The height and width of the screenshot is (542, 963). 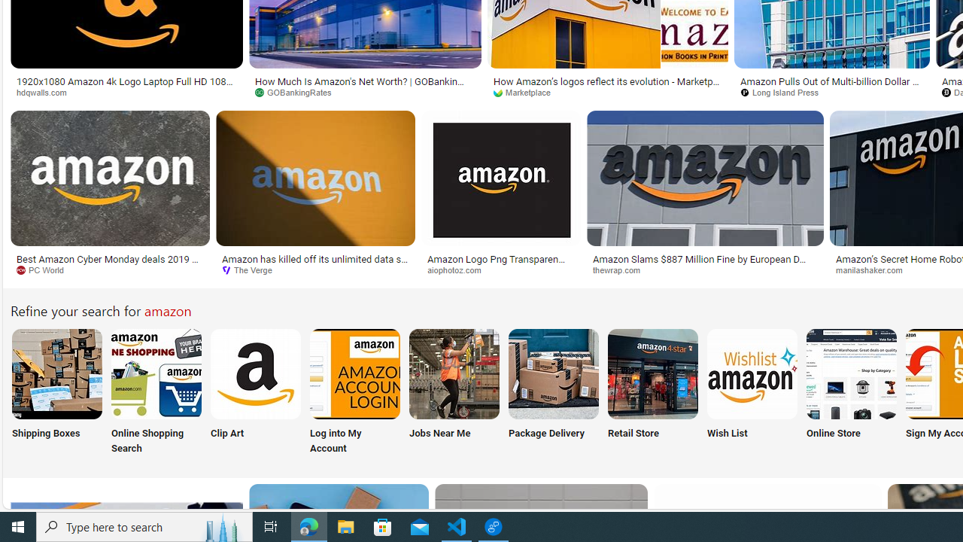 What do you see at coordinates (553, 373) in the screenshot?
I see `'Amazon Package Delivery'` at bounding box center [553, 373].